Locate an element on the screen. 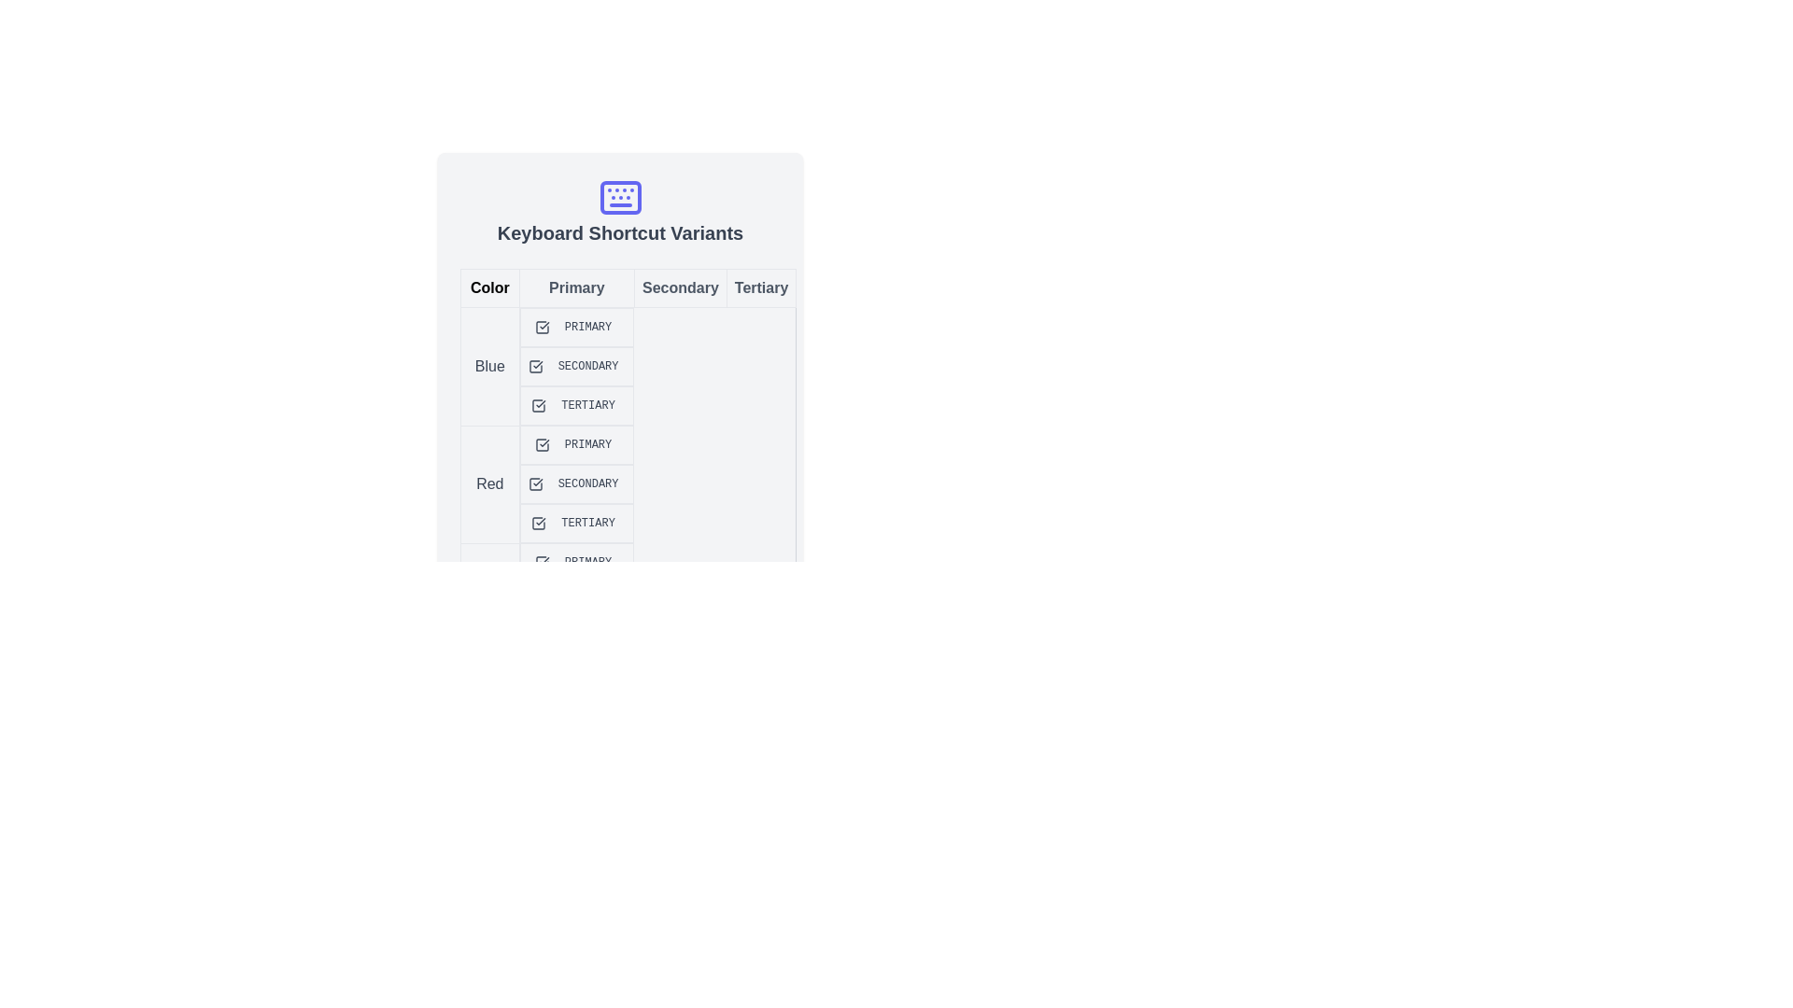 This screenshot has width=1793, height=1008. the 'SECONDARY' label with a red check icon is located at coordinates (576, 483).